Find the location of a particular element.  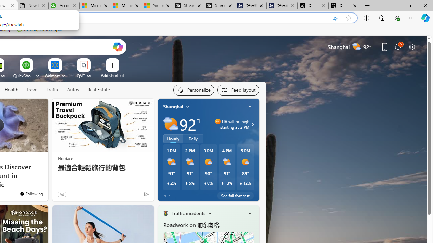

'Travel' is located at coordinates (32, 90).